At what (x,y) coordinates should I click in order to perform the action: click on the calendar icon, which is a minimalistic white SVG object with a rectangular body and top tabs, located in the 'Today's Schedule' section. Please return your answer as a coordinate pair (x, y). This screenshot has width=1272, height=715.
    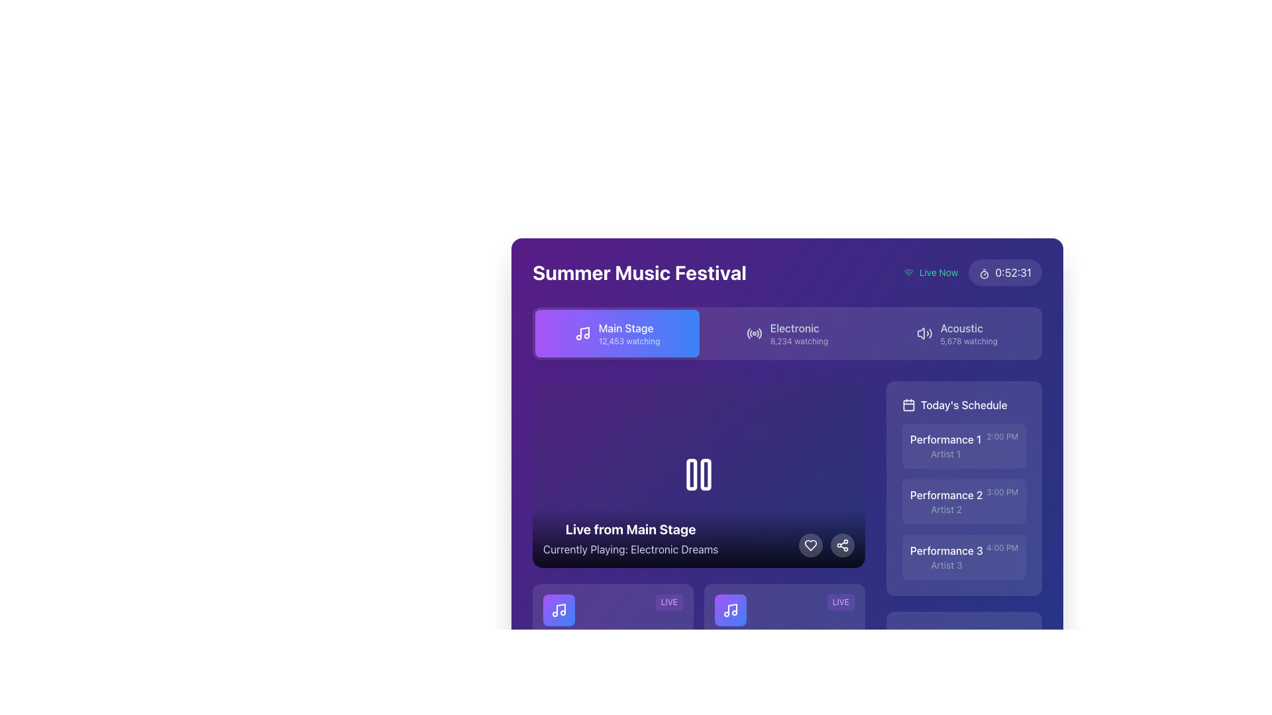
    Looking at the image, I should click on (908, 405).